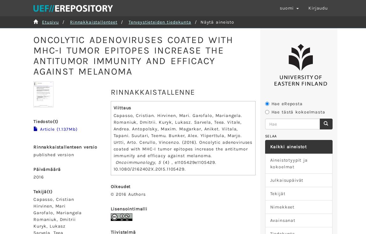 This screenshot has width=366, height=234. Describe the element at coordinates (33, 147) in the screenshot. I see `'Rinnakkaistallenteen versio'` at that location.